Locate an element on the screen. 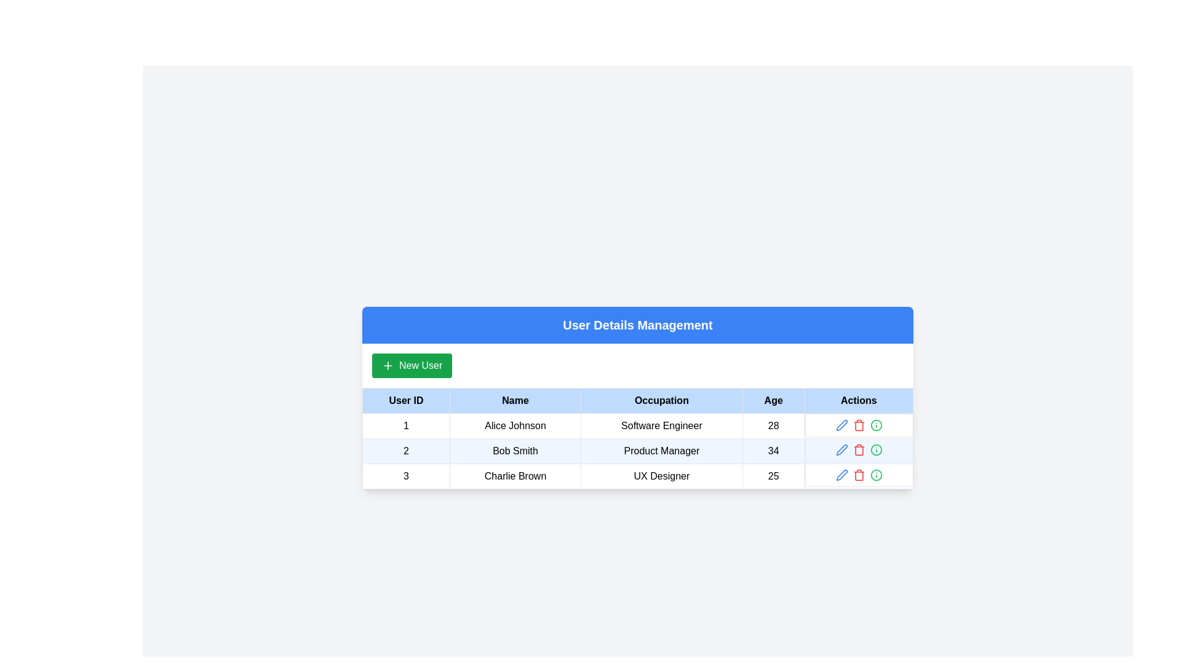 The height and width of the screenshot is (664, 1181). the third row in the User Details Management table to interact with its contained actions is located at coordinates (637, 475).